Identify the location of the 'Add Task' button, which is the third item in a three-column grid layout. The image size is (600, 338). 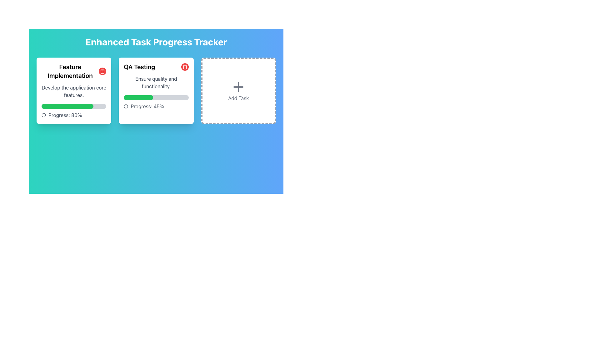
(238, 90).